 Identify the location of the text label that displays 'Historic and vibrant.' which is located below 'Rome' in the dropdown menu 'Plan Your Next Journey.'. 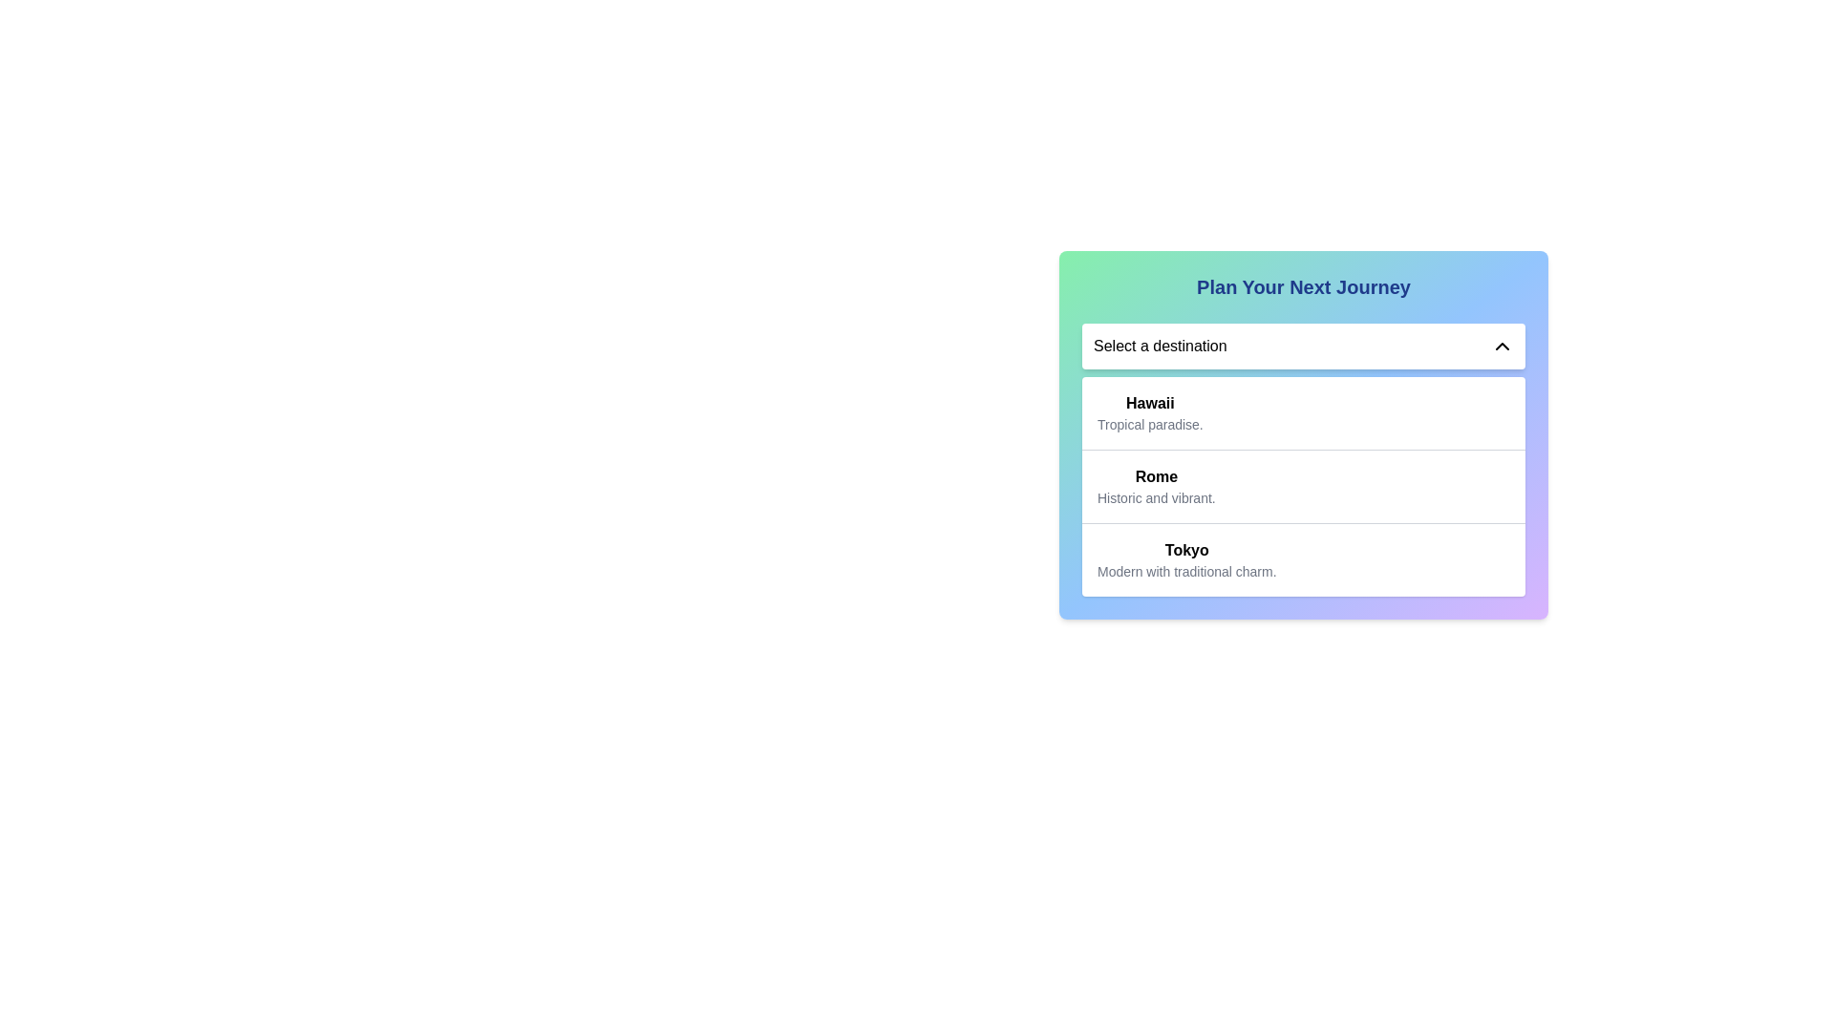
(1155, 496).